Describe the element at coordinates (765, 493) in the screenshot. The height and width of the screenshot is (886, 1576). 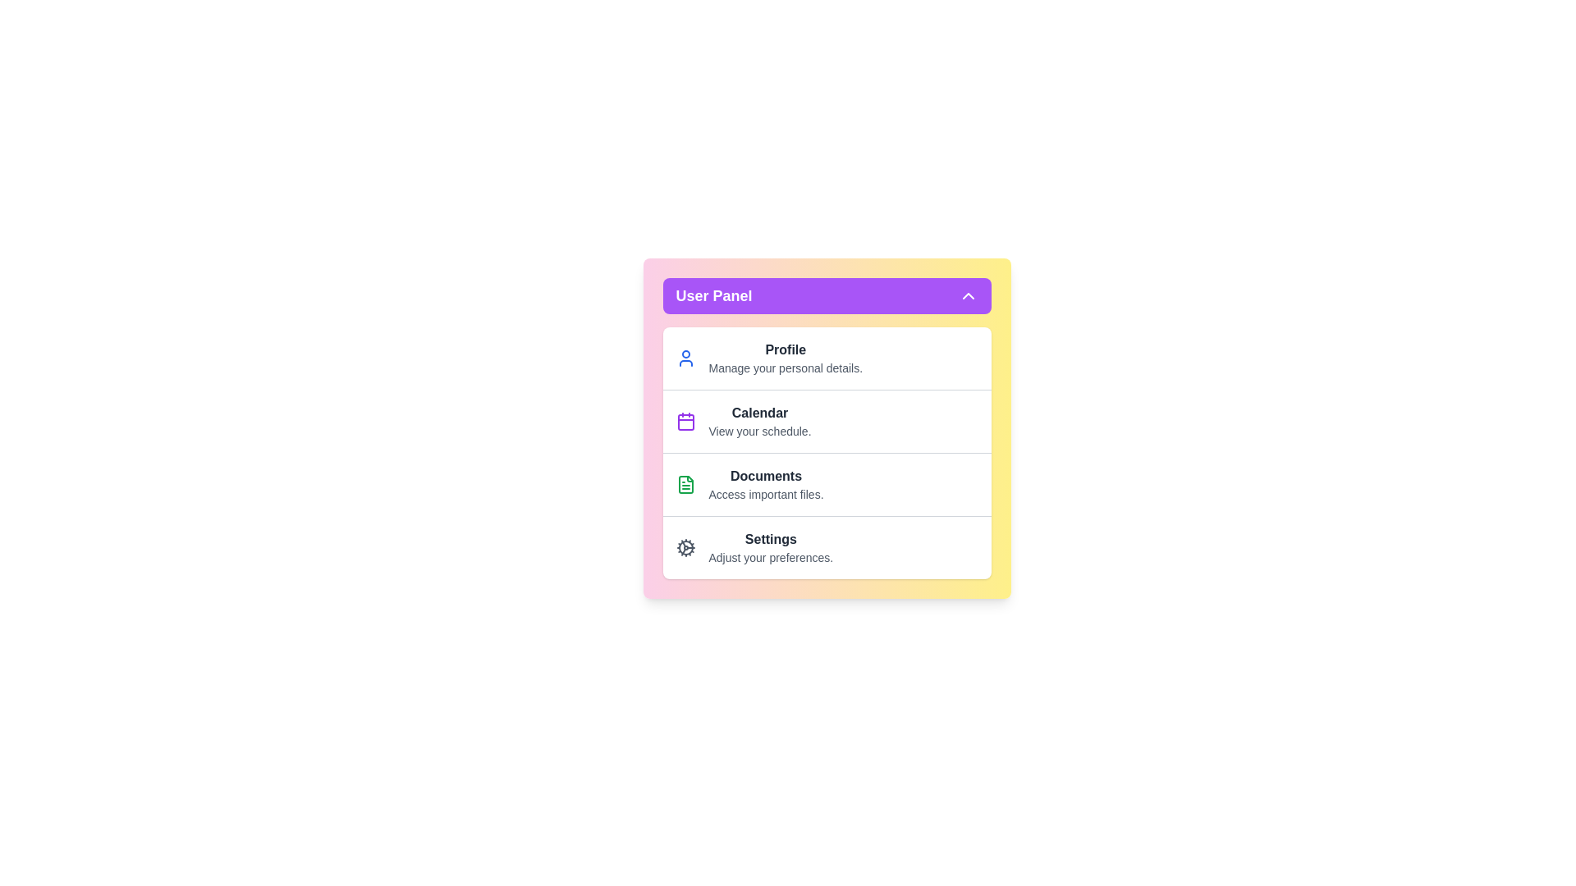
I see `the descriptive text element located in the 'Documents' section, positioned below the header 'Documents'` at that location.